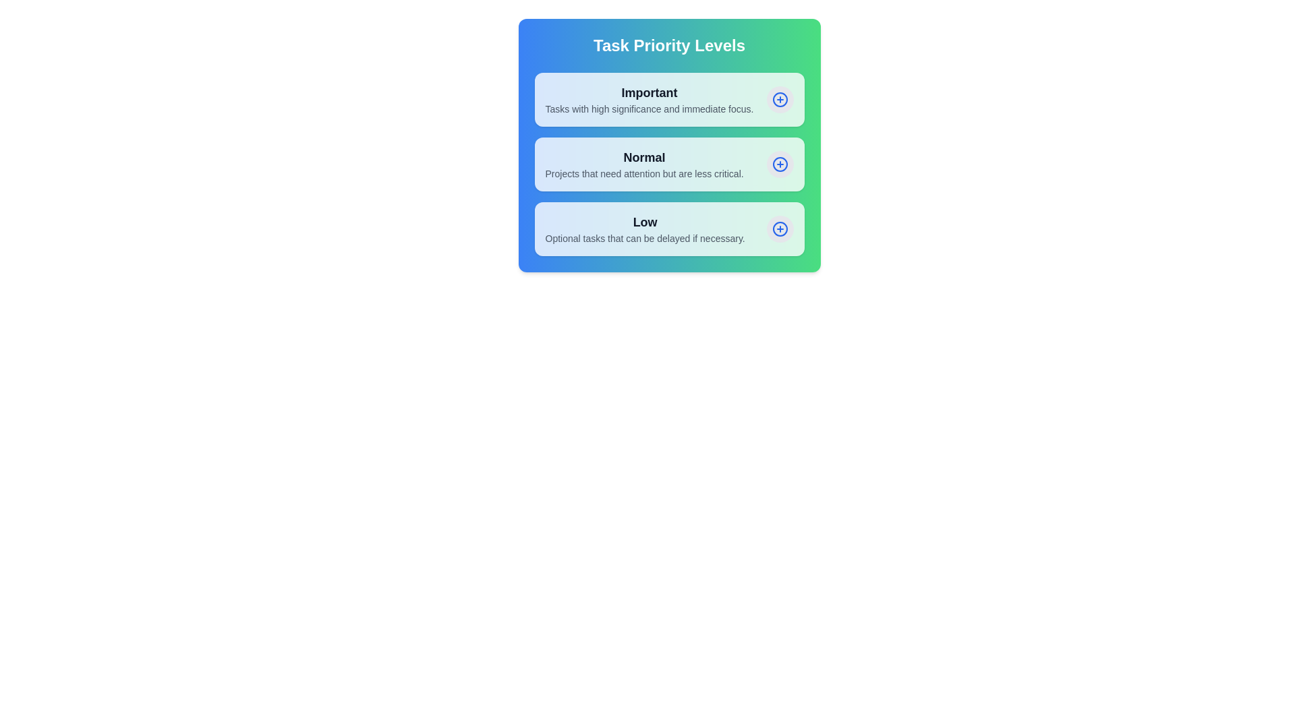 Image resolution: width=1295 pixels, height=728 pixels. I want to click on 'Normal' text label element, which is a large, bold, dark grey text situated on a gradient background, positioned between the 'Important' and 'Low' sections, so click(643, 157).